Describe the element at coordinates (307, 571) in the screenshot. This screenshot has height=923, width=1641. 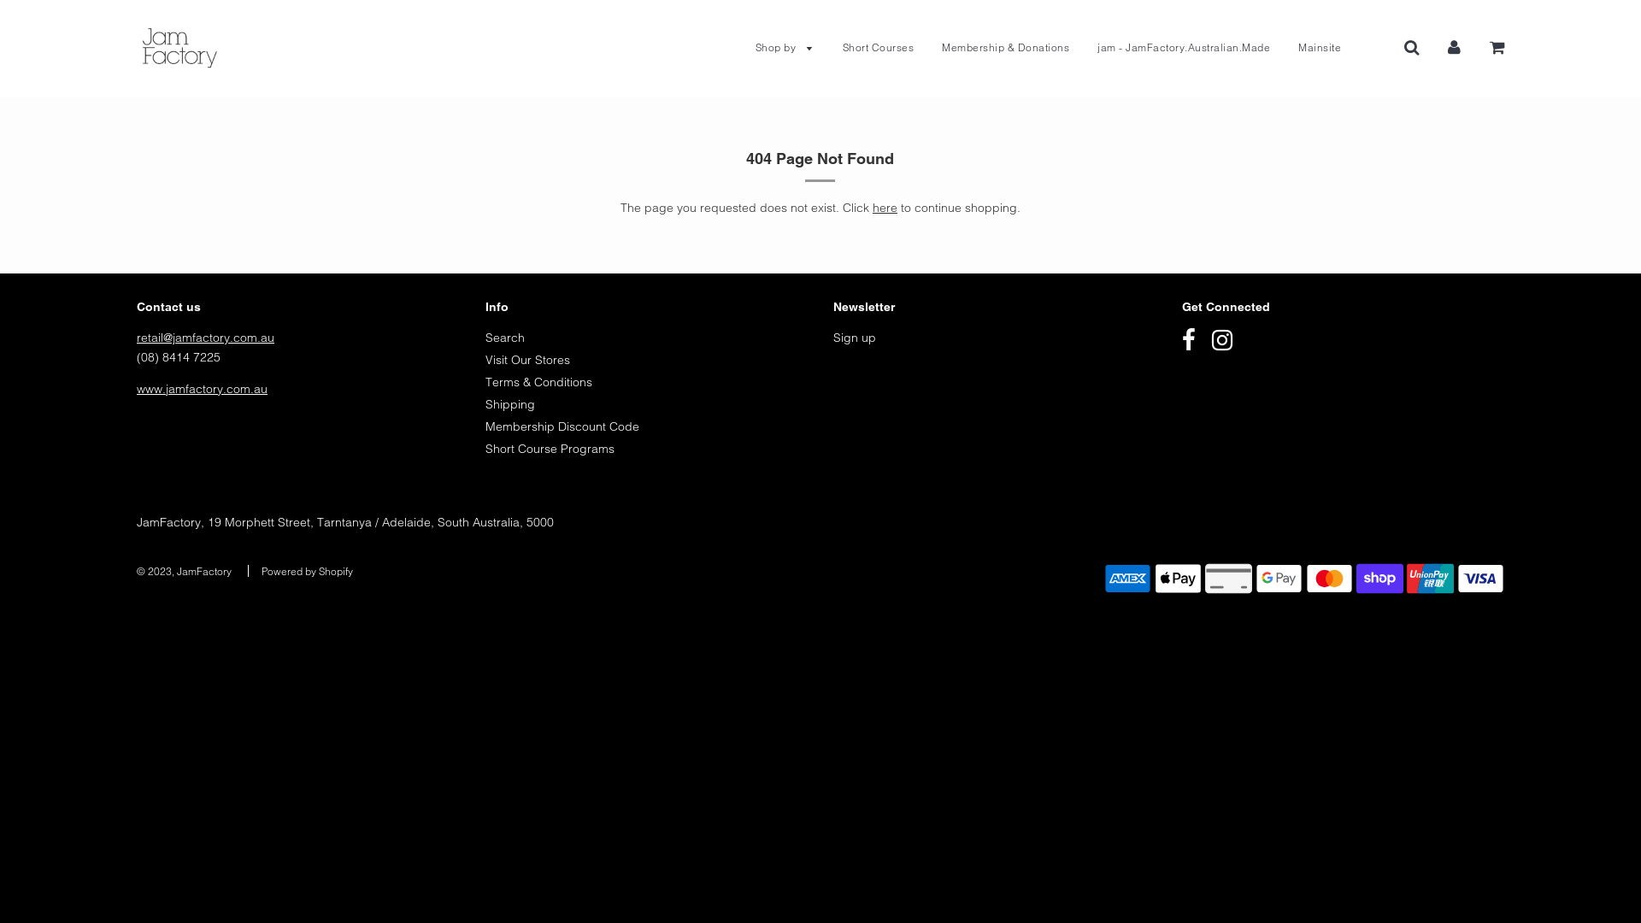
I see `'Powered by Shopify'` at that location.